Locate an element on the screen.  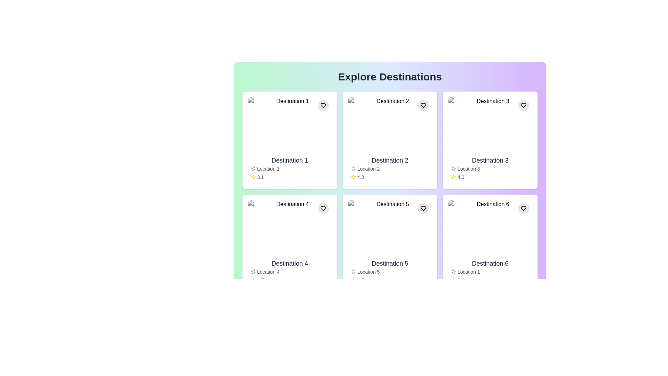
the heart-shaped interactive button is located at coordinates (524, 208).